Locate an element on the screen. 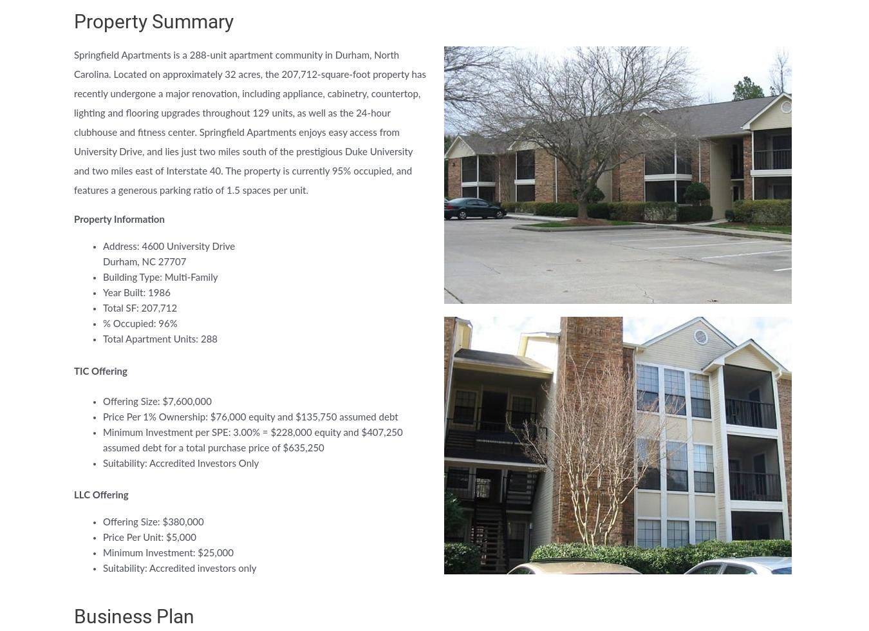  'Suitability: Accredited Investors Only' is located at coordinates (180, 463).